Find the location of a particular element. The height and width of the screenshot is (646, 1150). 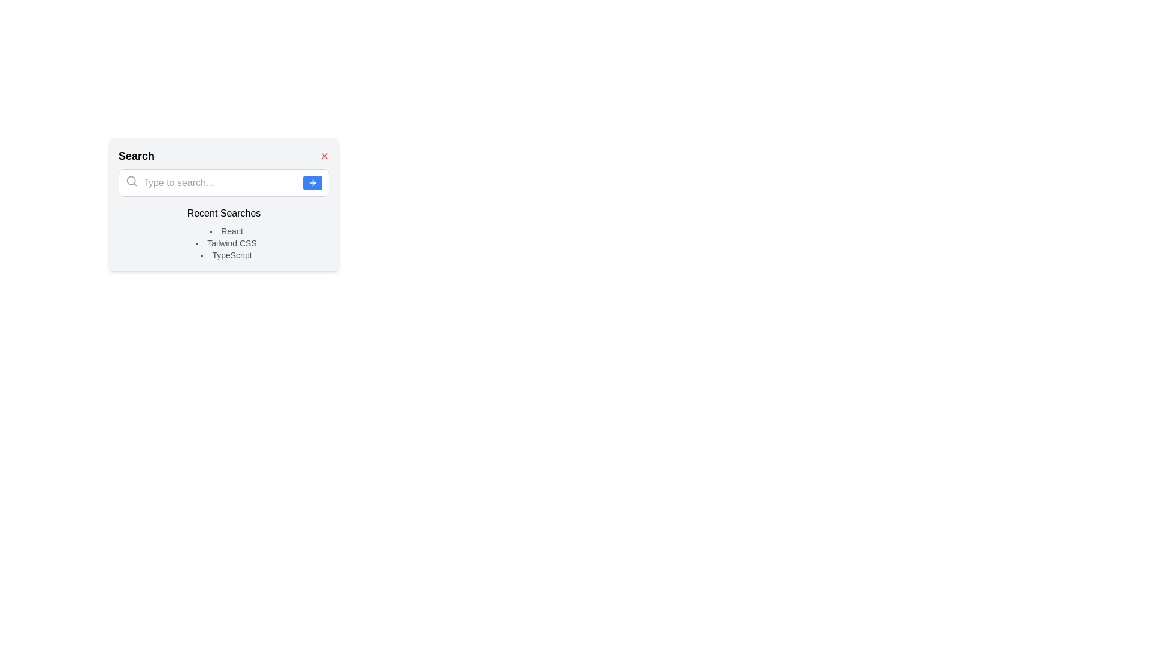

the Iconographic Circle, which is part of the magnifying glass icon used for search, positioned towards its center is located at coordinates (131, 181).